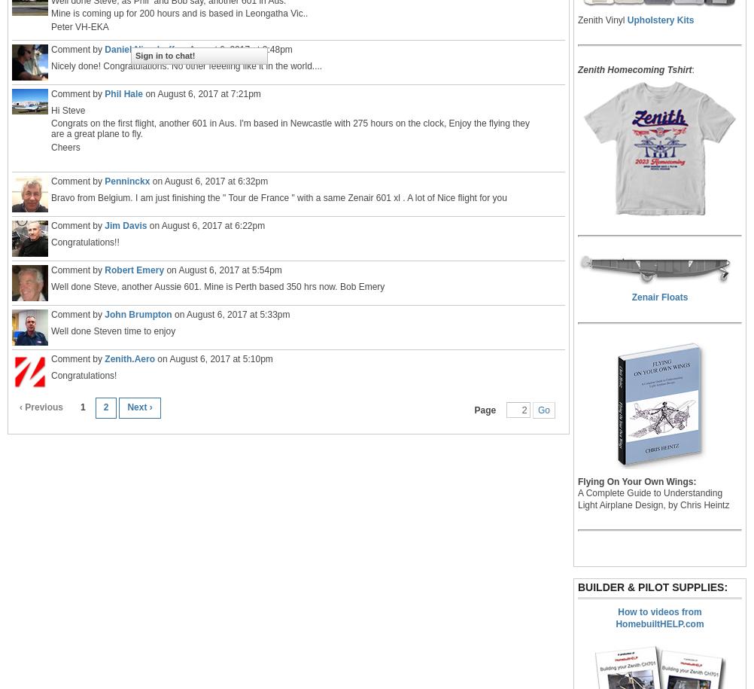 This screenshot has height=689, width=754. Describe the element at coordinates (139, 48) in the screenshot. I see `'Daniel Niendorff'` at that location.